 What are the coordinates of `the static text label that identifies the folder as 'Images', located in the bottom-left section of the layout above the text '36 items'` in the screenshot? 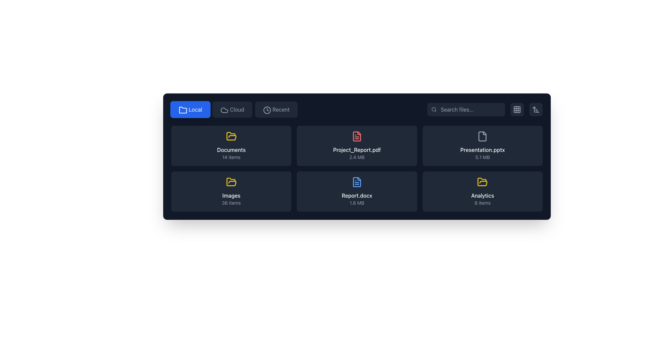 It's located at (231, 196).